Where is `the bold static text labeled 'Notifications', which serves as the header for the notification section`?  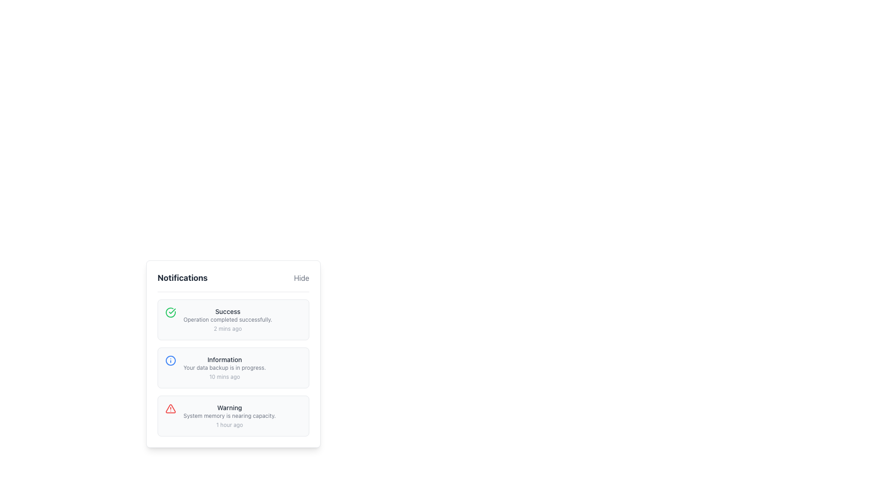
the bold static text labeled 'Notifications', which serves as the header for the notification section is located at coordinates (182, 278).